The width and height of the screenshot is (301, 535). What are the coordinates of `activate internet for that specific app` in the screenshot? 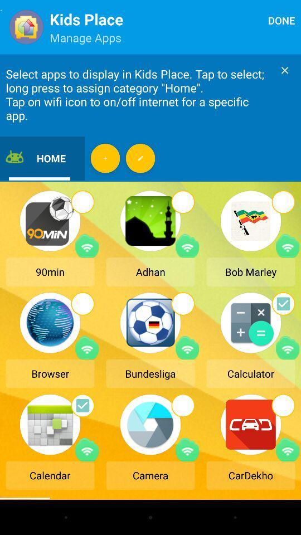 It's located at (187, 449).